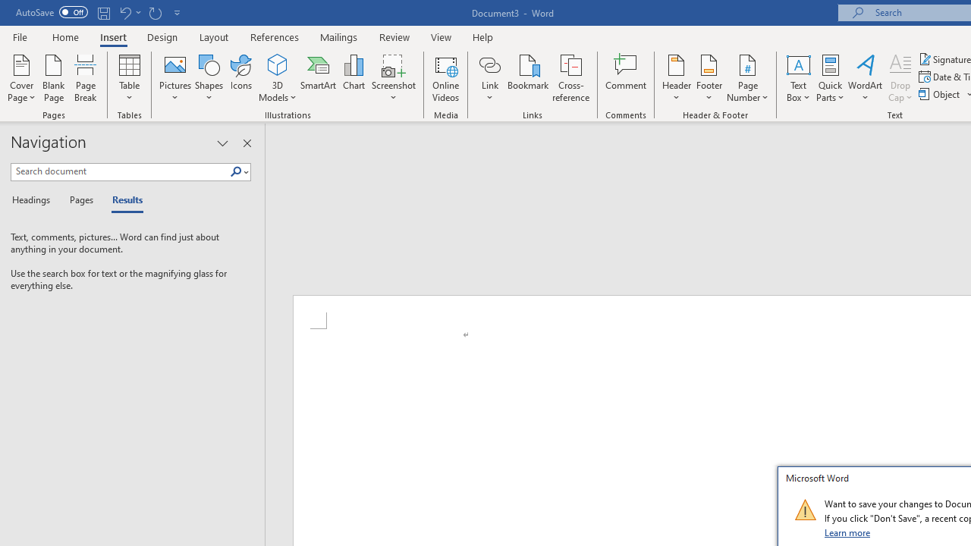  Describe the element at coordinates (489, 64) in the screenshot. I see `'Link'` at that location.